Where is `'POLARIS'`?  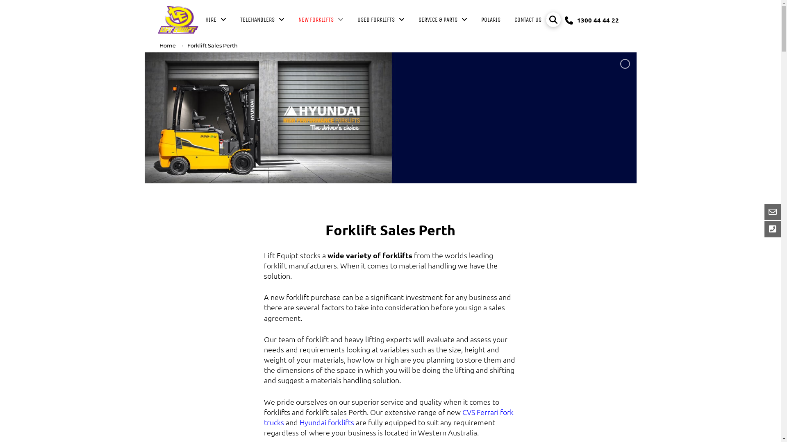
'POLARIS' is located at coordinates (474, 19).